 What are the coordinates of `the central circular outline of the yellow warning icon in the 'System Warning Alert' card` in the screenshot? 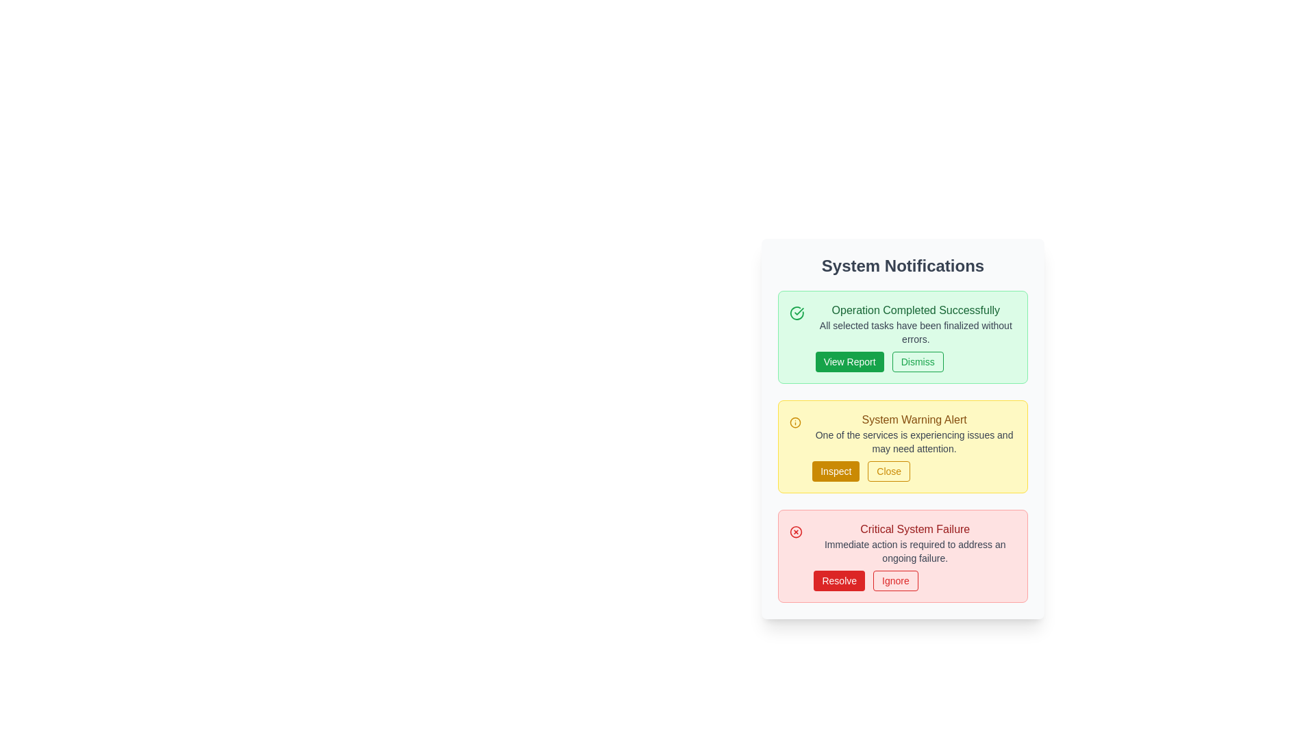 It's located at (795, 422).